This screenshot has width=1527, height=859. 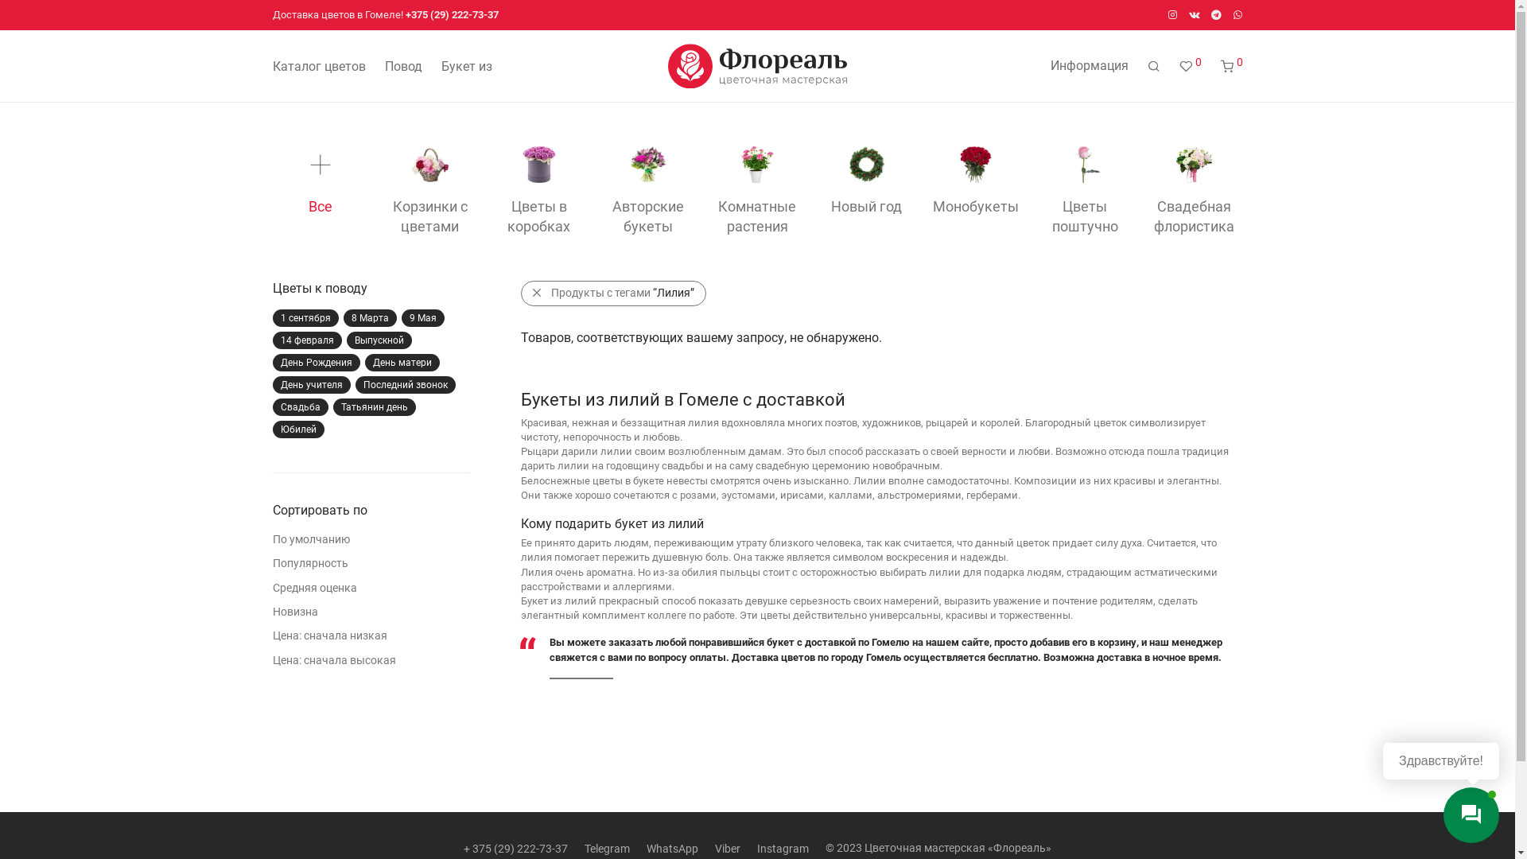 I want to click on '0', so click(x=1190, y=66).